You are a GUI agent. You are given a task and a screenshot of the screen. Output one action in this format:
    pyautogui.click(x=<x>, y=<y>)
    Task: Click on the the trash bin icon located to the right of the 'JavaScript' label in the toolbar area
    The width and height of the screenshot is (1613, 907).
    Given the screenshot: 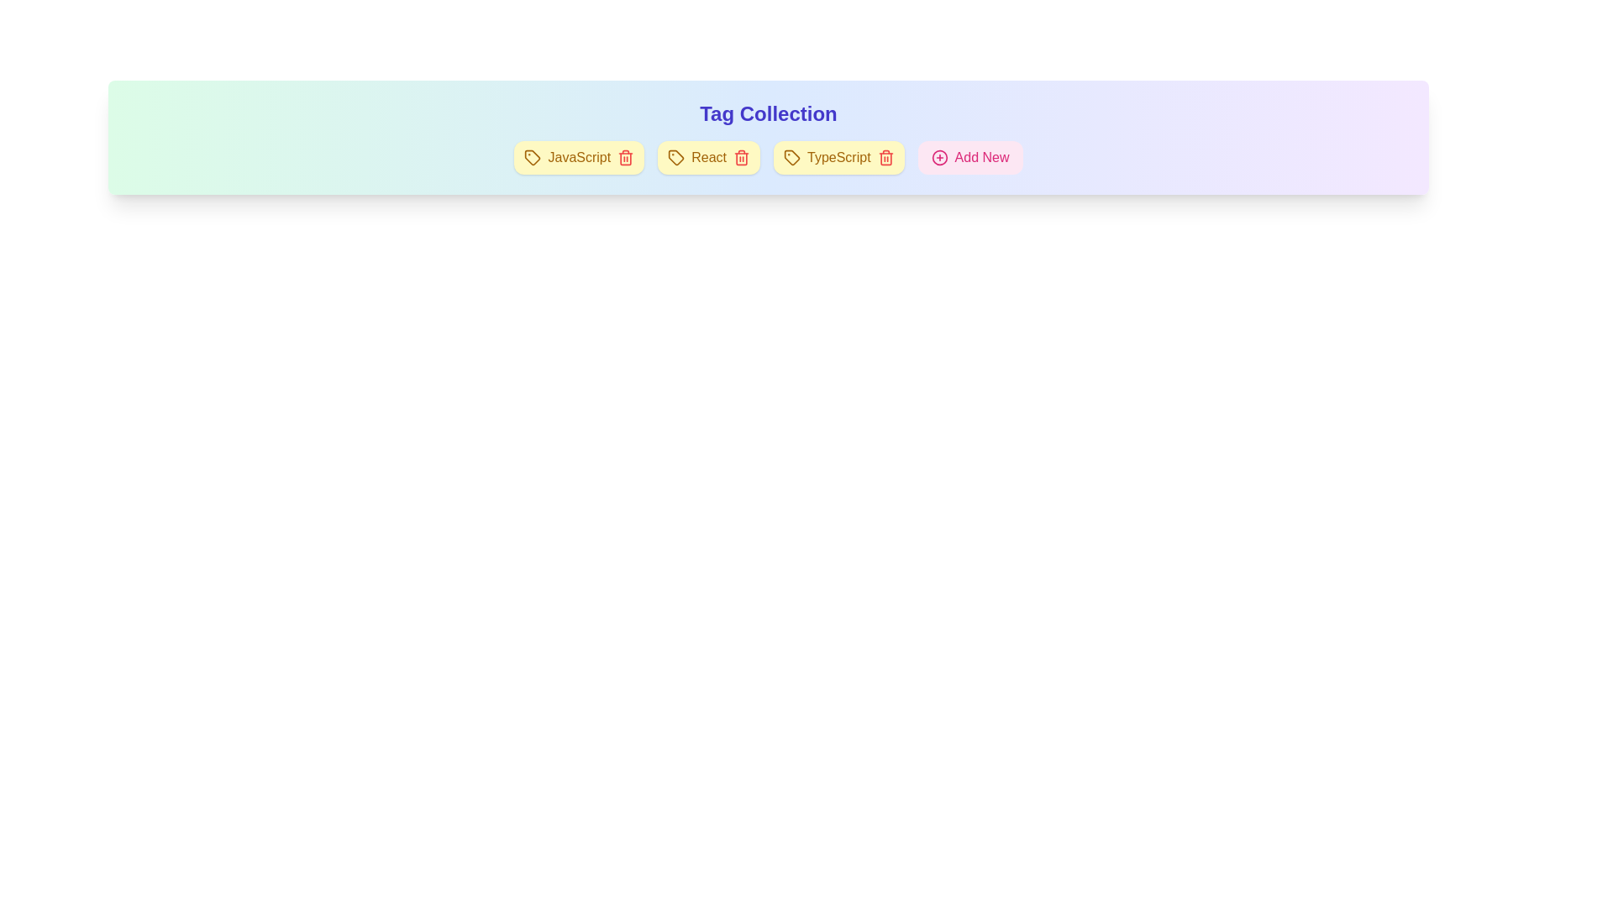 What is the action you would take?
    pyautogui.click(x=625, y=159)
    